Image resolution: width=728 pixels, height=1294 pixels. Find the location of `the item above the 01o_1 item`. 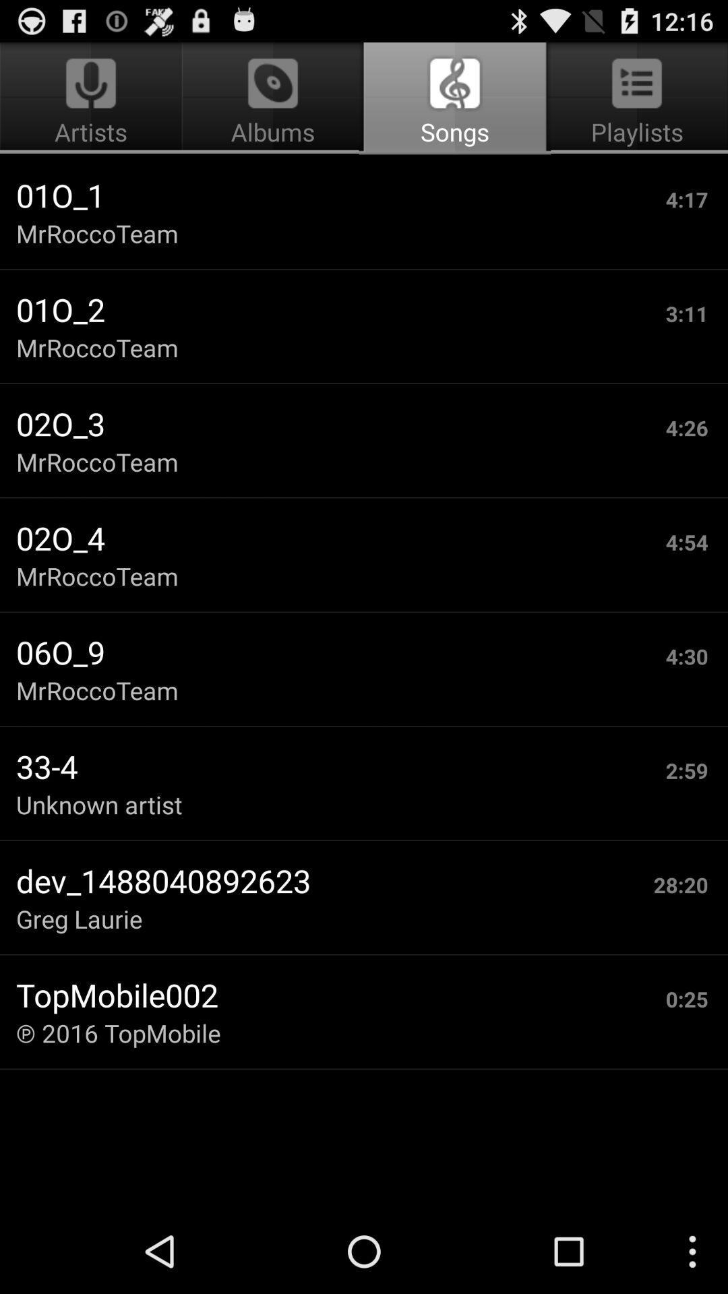

the item above the 01o_1 item is located at coordinates (273, 98).